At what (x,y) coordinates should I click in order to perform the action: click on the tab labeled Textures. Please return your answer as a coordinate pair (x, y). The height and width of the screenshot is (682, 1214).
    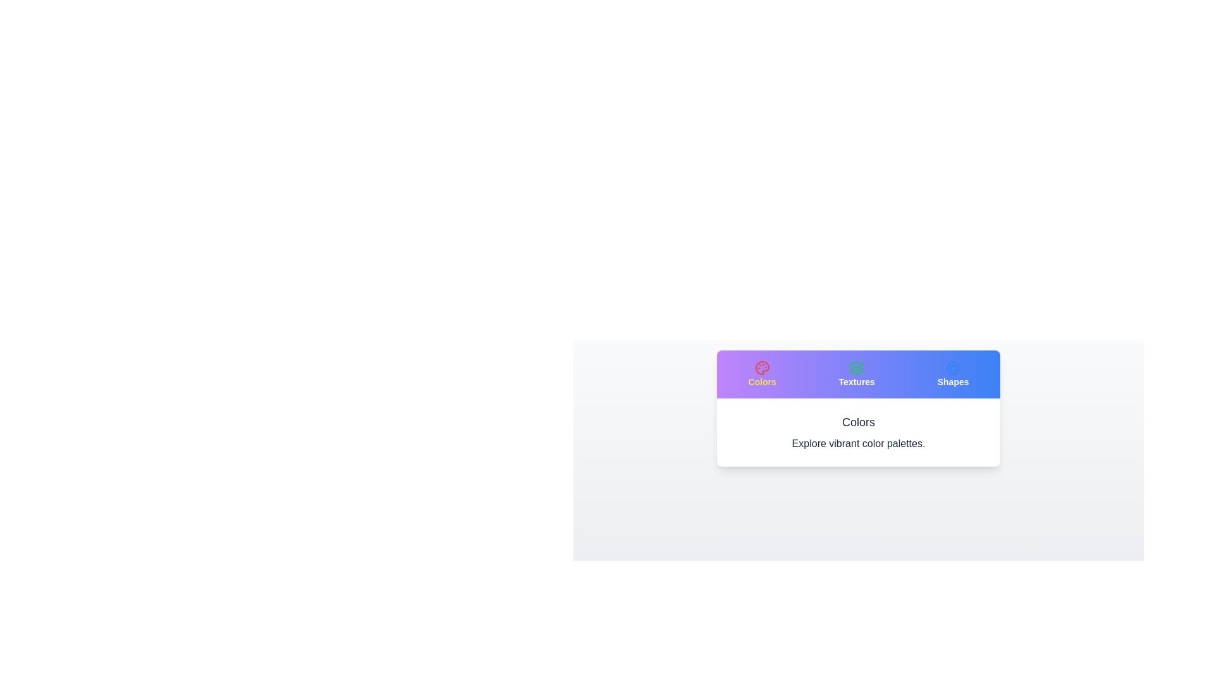
    Looking at the image, I should click on (856, 374).